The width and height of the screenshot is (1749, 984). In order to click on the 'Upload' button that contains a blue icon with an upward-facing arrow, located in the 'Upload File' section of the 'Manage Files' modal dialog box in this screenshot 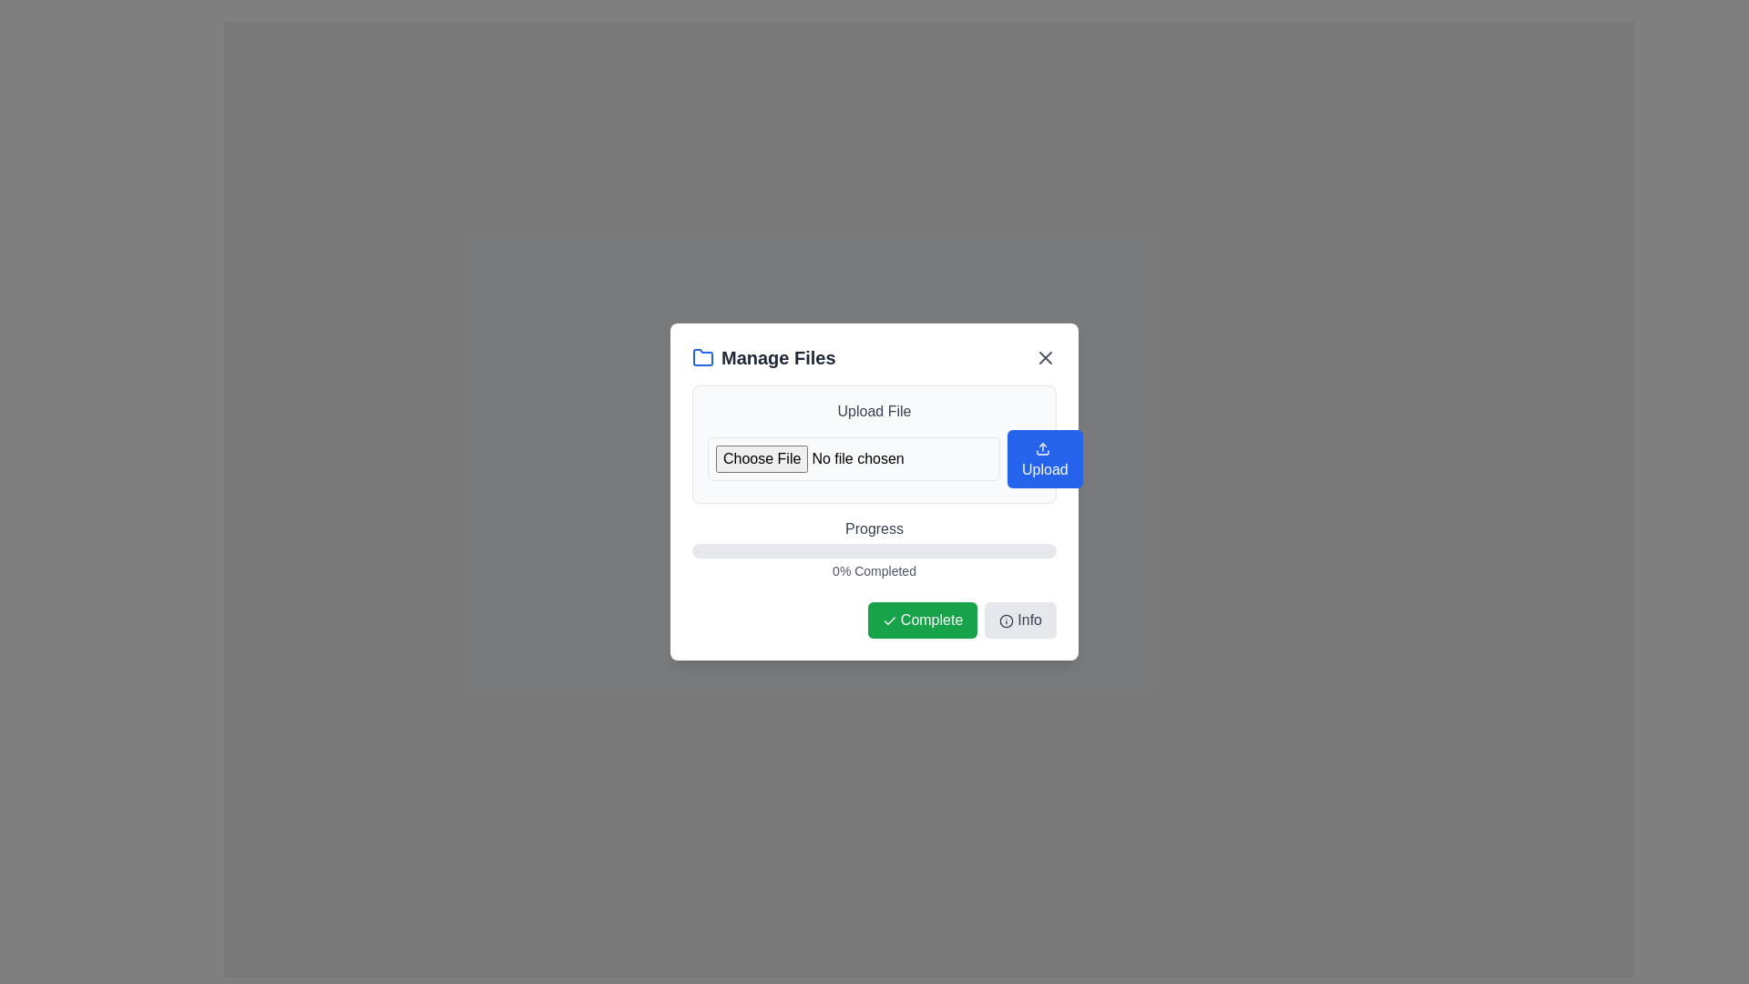, I will do `click(1043, 448)`.